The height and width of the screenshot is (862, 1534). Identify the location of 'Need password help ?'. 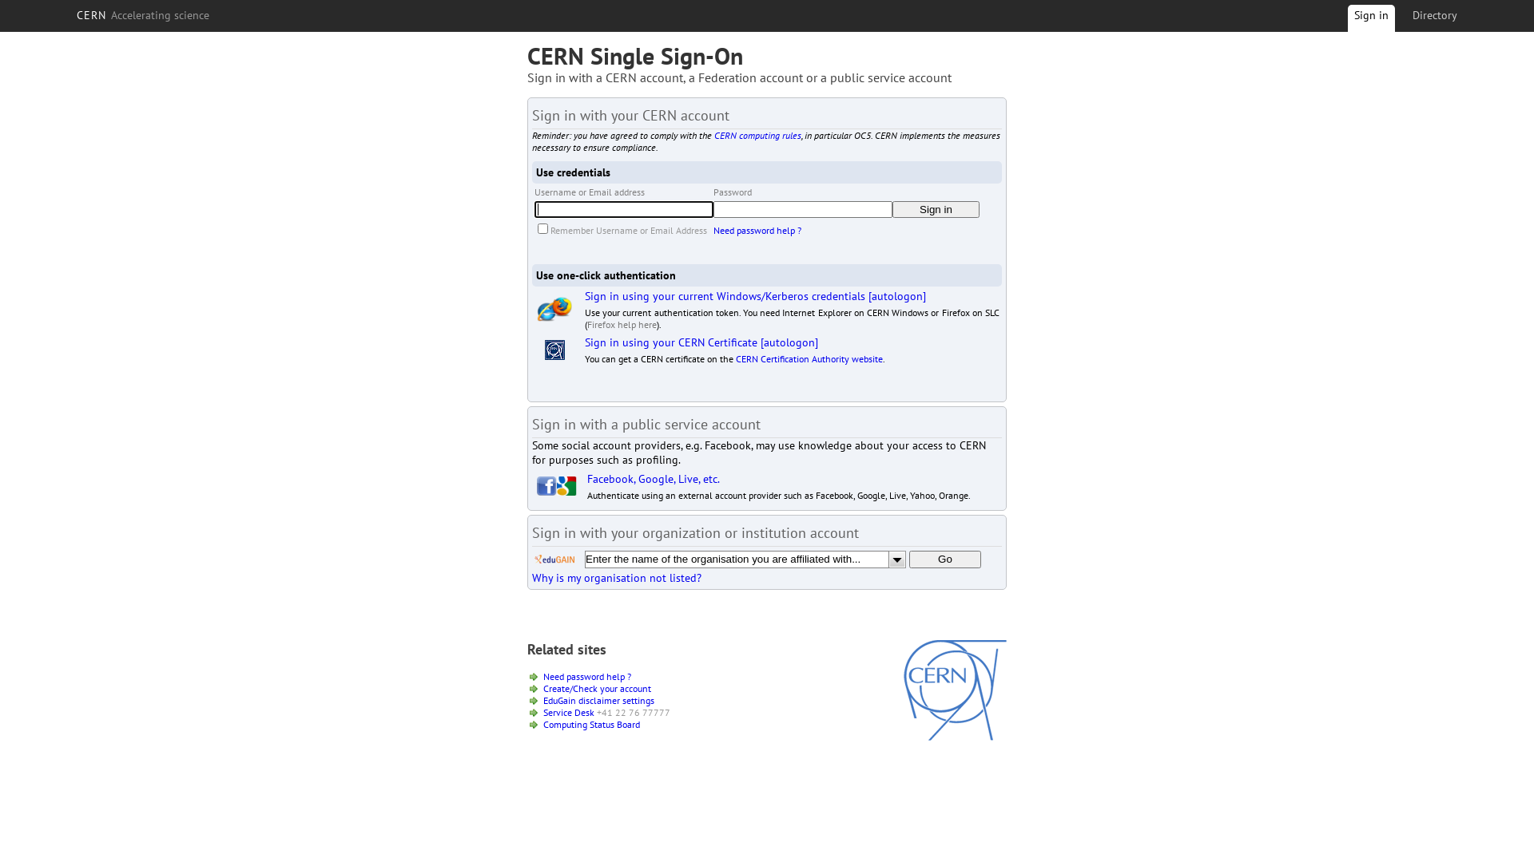
(586, 676).